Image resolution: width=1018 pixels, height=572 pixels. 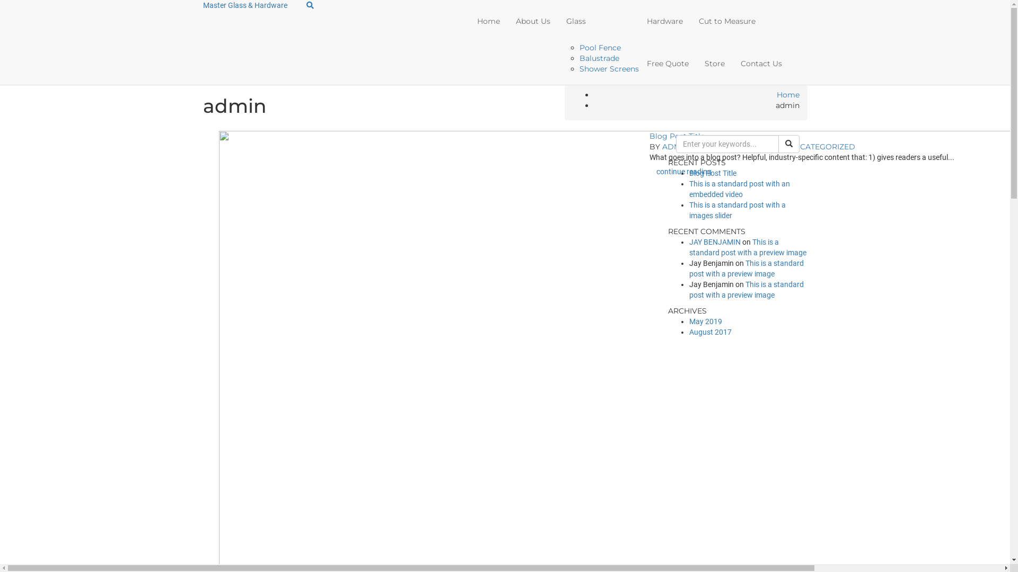 I want to click on 'Blog Post Title', so click(x=713, y=173).